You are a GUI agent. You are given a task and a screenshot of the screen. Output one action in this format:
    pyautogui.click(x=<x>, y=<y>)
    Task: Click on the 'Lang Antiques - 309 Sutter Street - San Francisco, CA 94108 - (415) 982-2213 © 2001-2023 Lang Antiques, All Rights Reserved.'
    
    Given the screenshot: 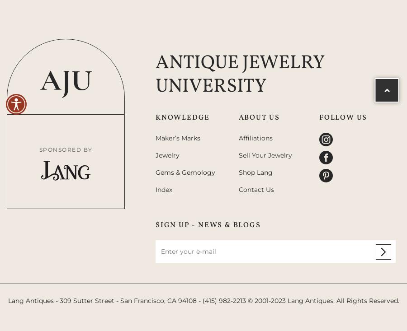 What is the action you would take?
    pyautogui.click(x=203, y=301)
    